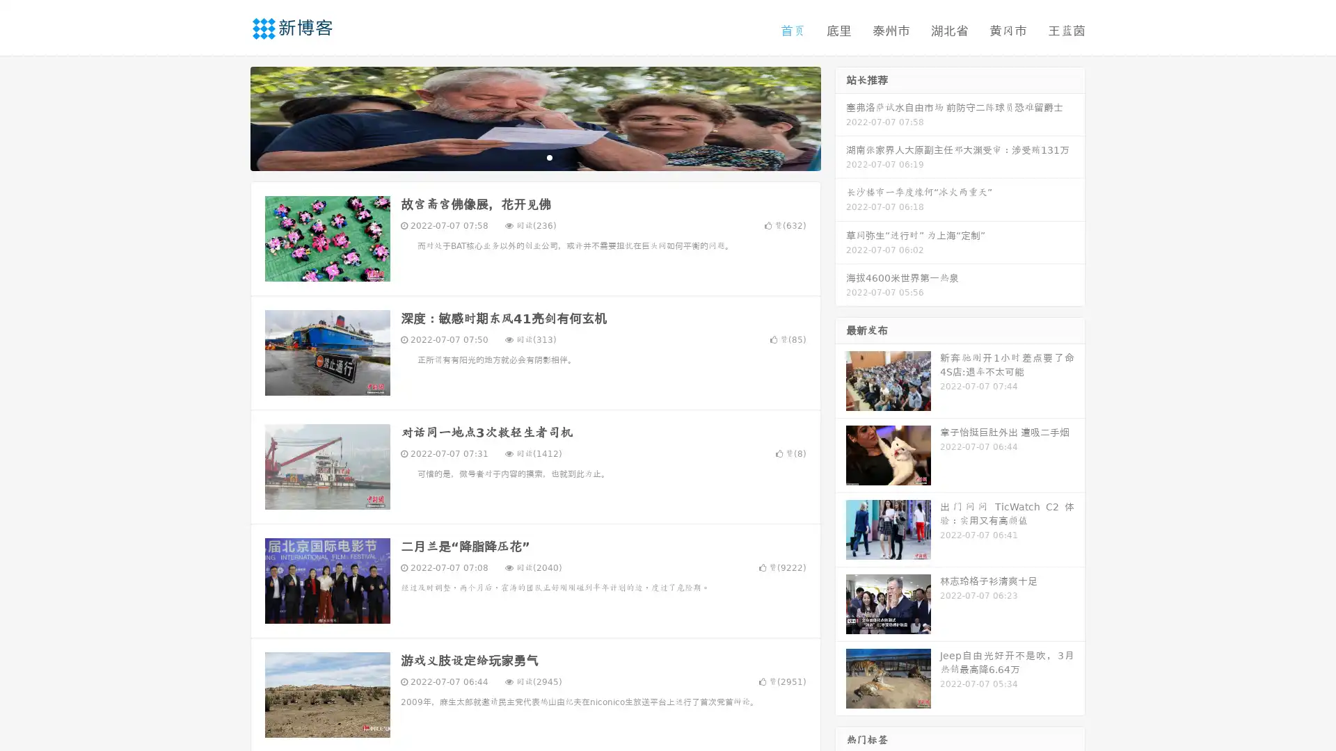  What do you see at coordinates (534, 156) in the screenshot?
I see `Go to slide 2` at bounding box center [534, 156].